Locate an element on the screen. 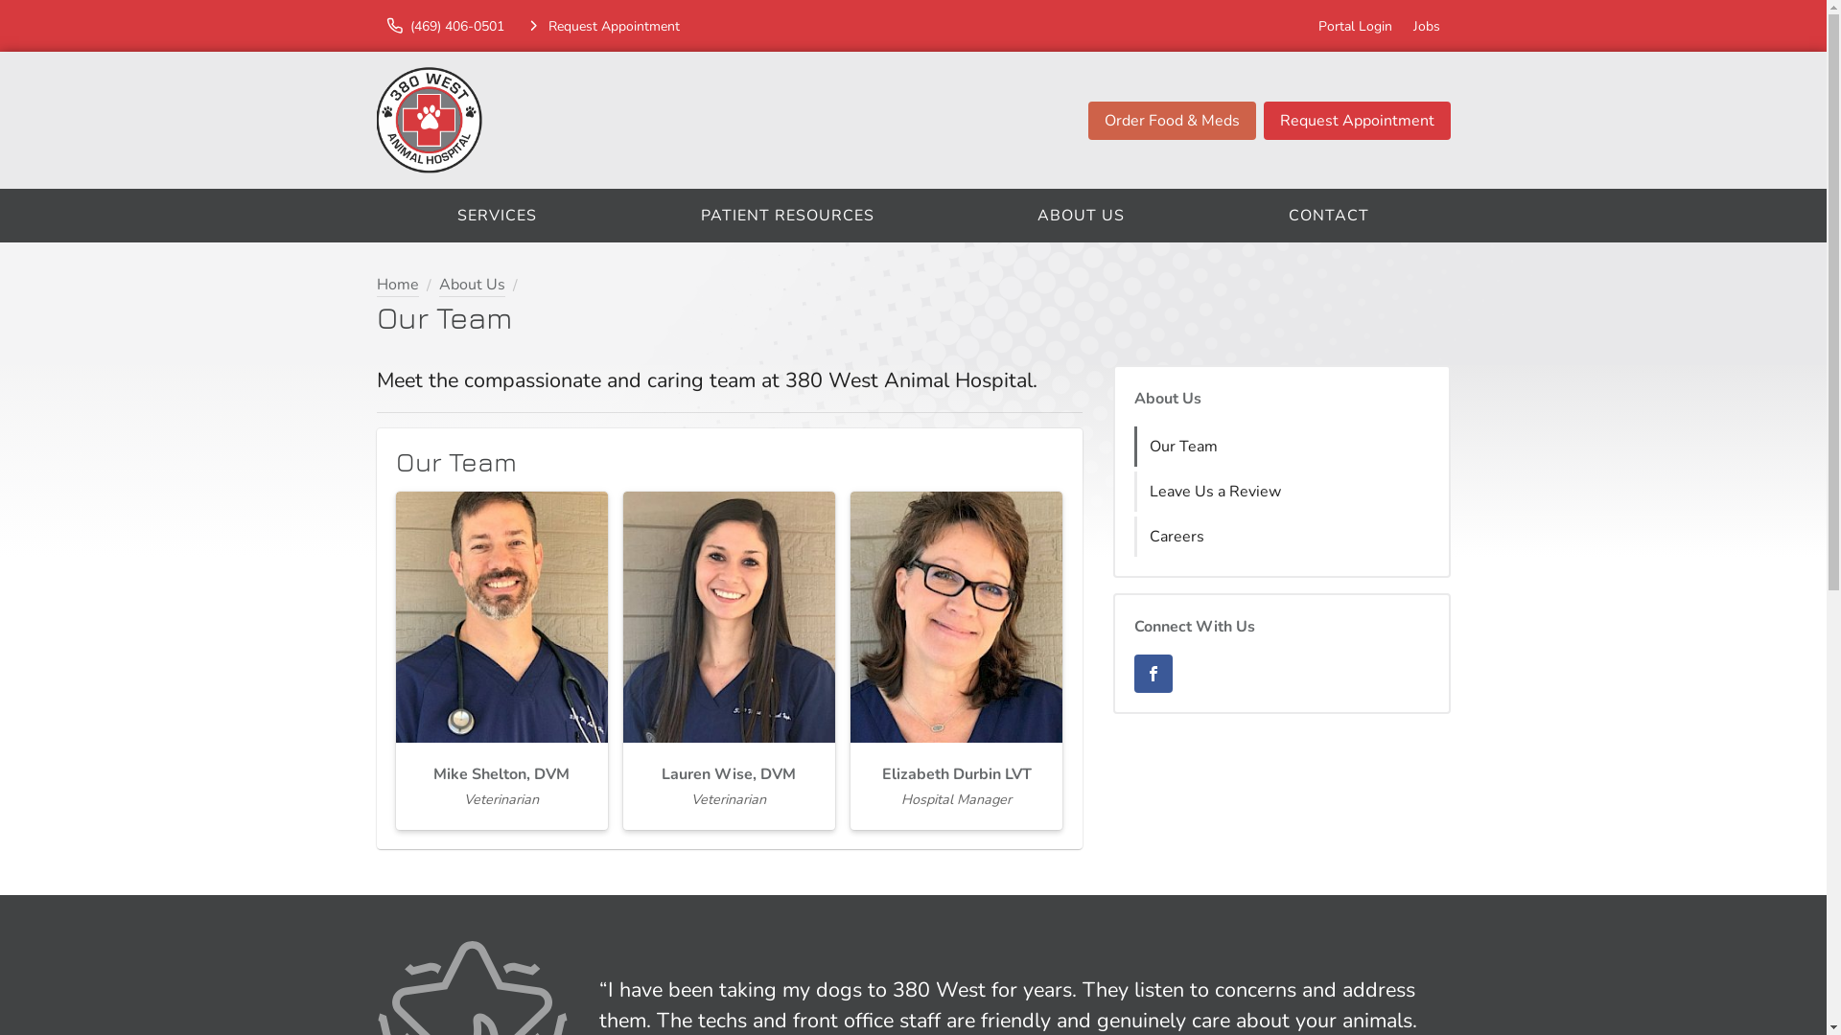 The width and height of the screenshot is (1841, 1035). 'Mike Shelton, DVM is located at coordinates (501, 659).